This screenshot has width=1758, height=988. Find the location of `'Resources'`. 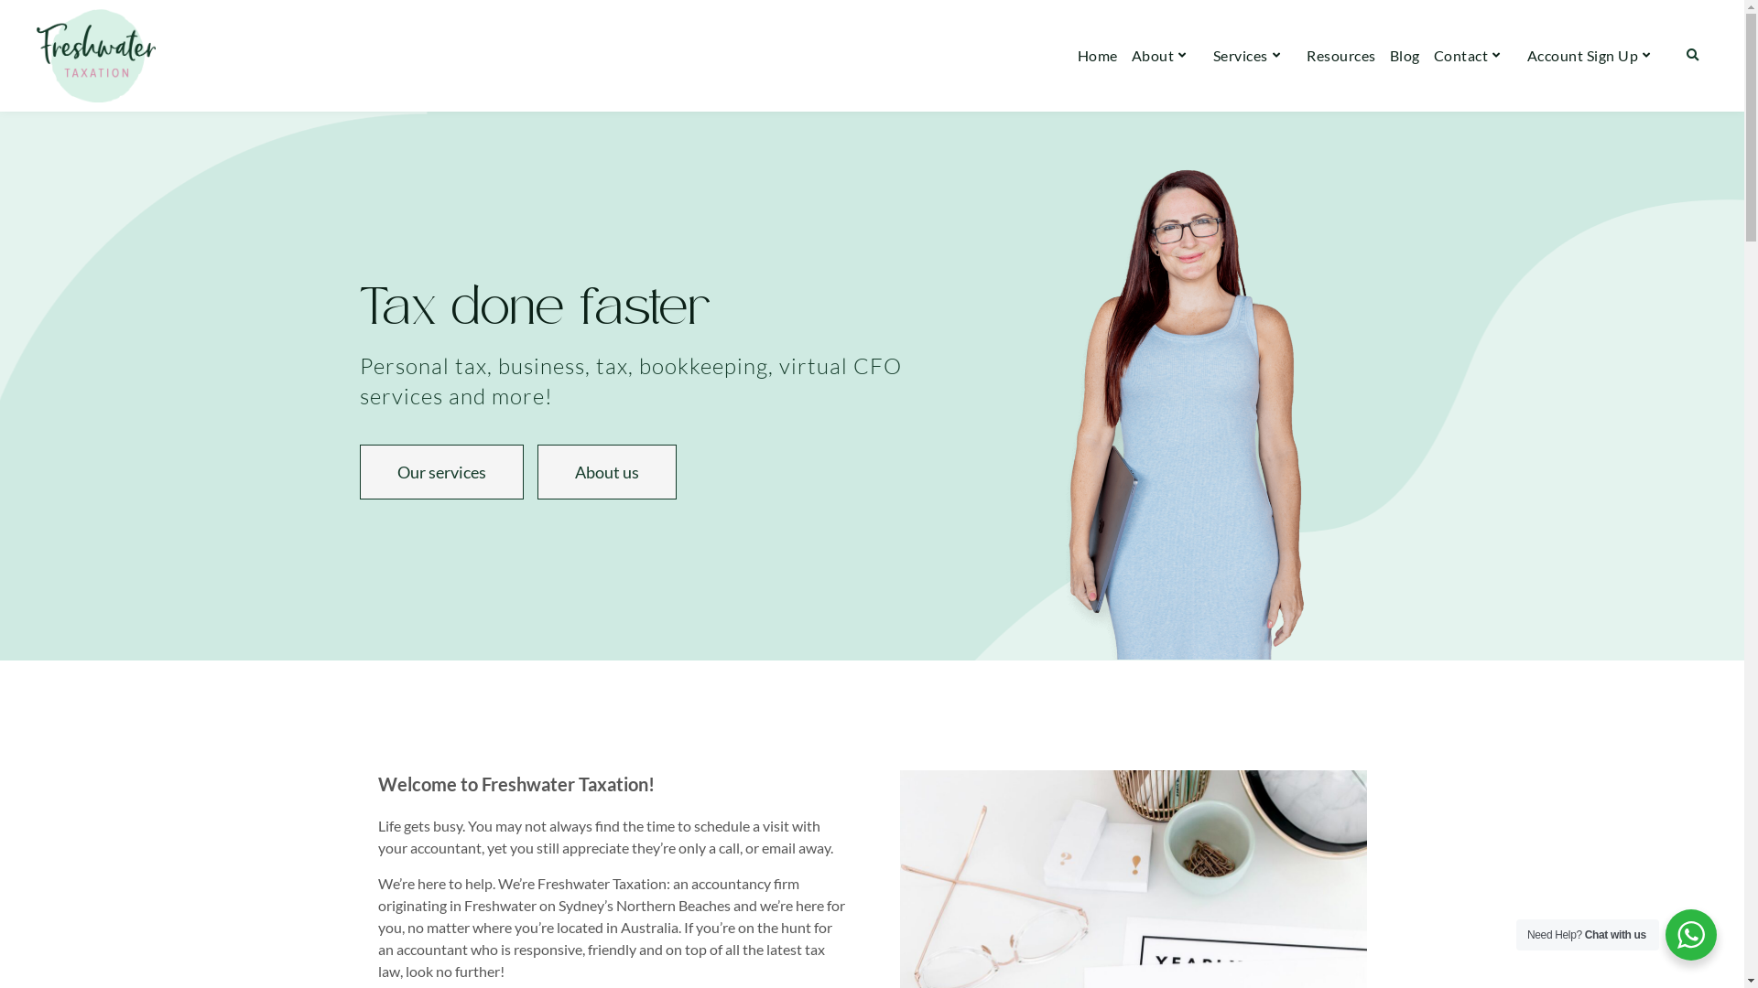

'Resources' is located at coordinates (1340, 55).